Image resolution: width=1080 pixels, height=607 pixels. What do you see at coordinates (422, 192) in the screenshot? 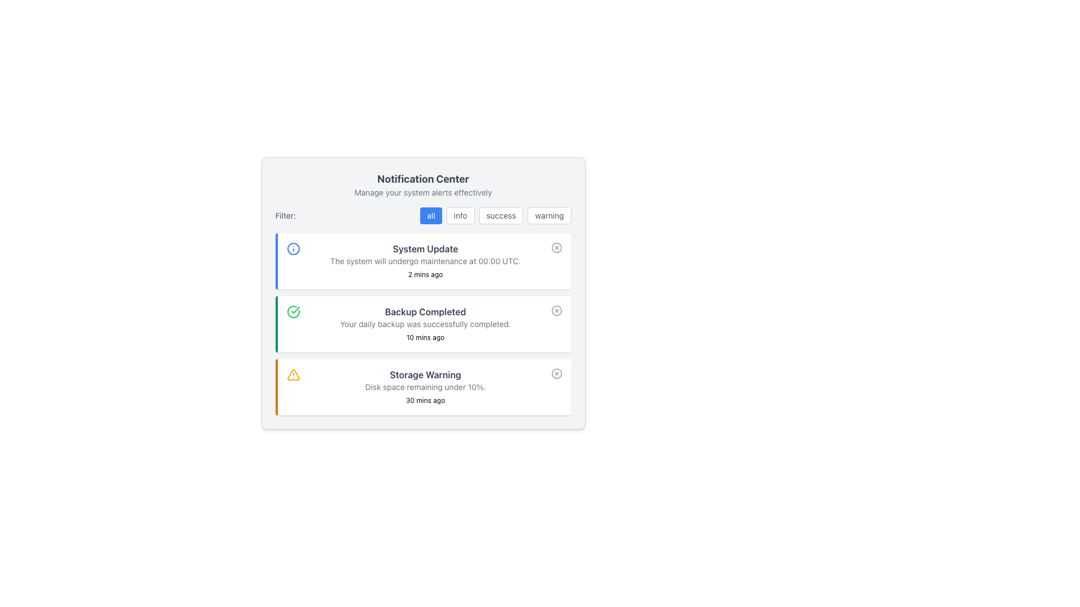
I see `the static text element reading 'Manage your system alerts effectively', which is positioned directly beneath the 'Notification Center' header` at bounding box center [422, 192].